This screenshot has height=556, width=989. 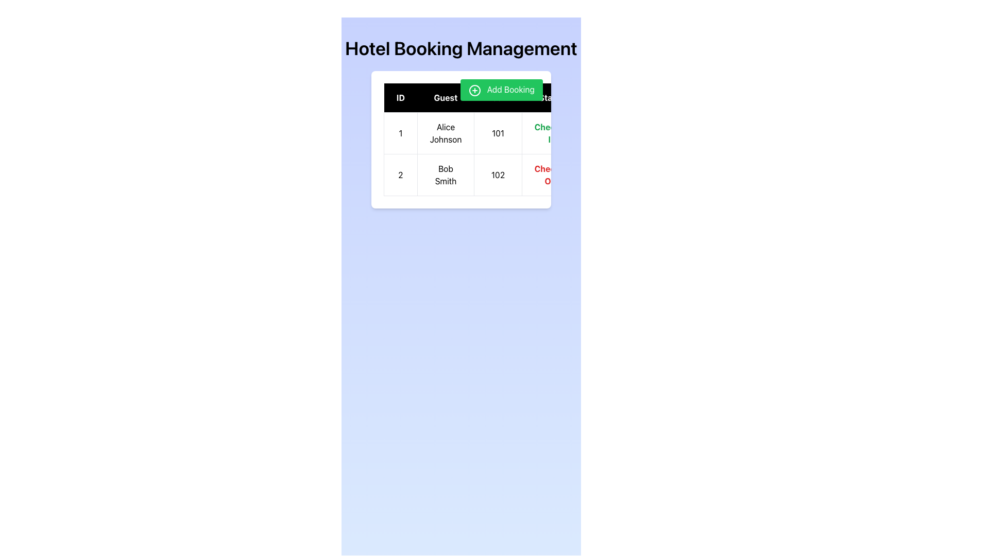 I want to click on the Text element that represents a unique identifier or room number in the second row and third column of the grid within the 'Hotel Booking Management' interface, so click(x=498, y=174).